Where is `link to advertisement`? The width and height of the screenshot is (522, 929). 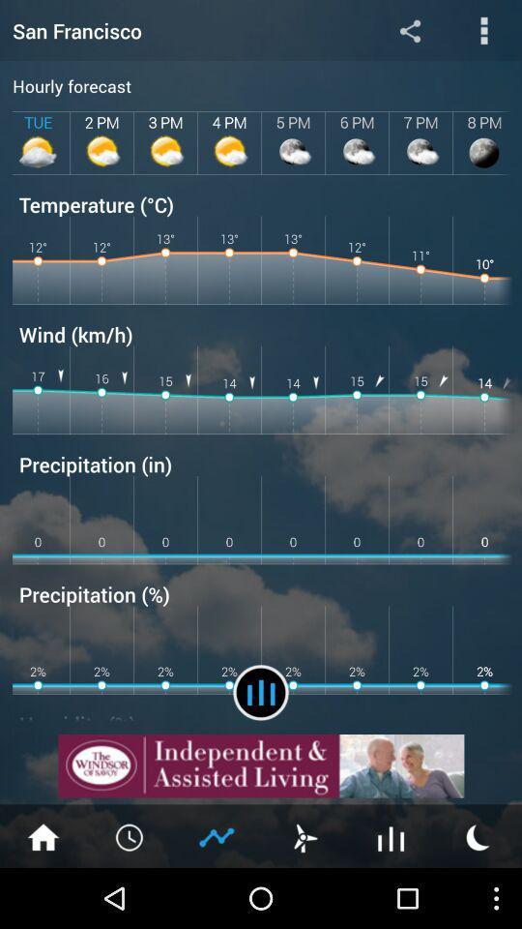 link to advertisement is located at coordinates (261, 765).